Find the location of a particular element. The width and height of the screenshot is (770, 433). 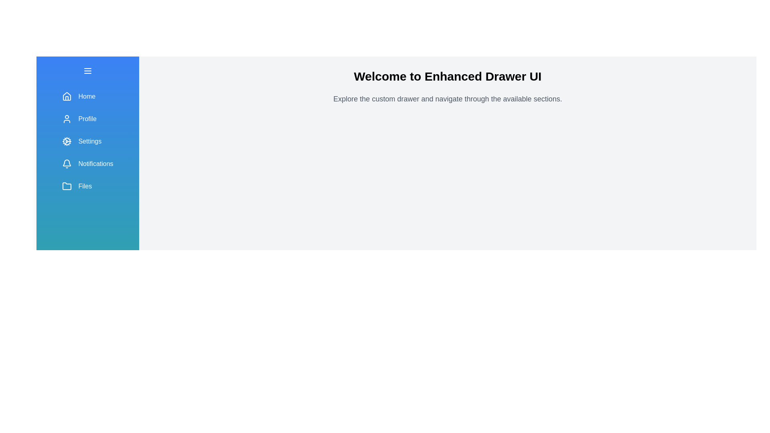

the navigation menu item labeled Profile is located at coordinates (88, 119).